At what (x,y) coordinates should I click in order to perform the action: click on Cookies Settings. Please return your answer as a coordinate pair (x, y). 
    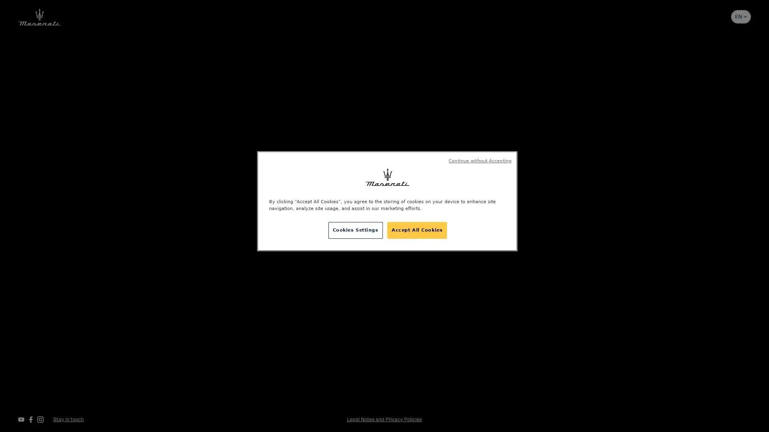
    Looking at the image, I should click on (355, 230).